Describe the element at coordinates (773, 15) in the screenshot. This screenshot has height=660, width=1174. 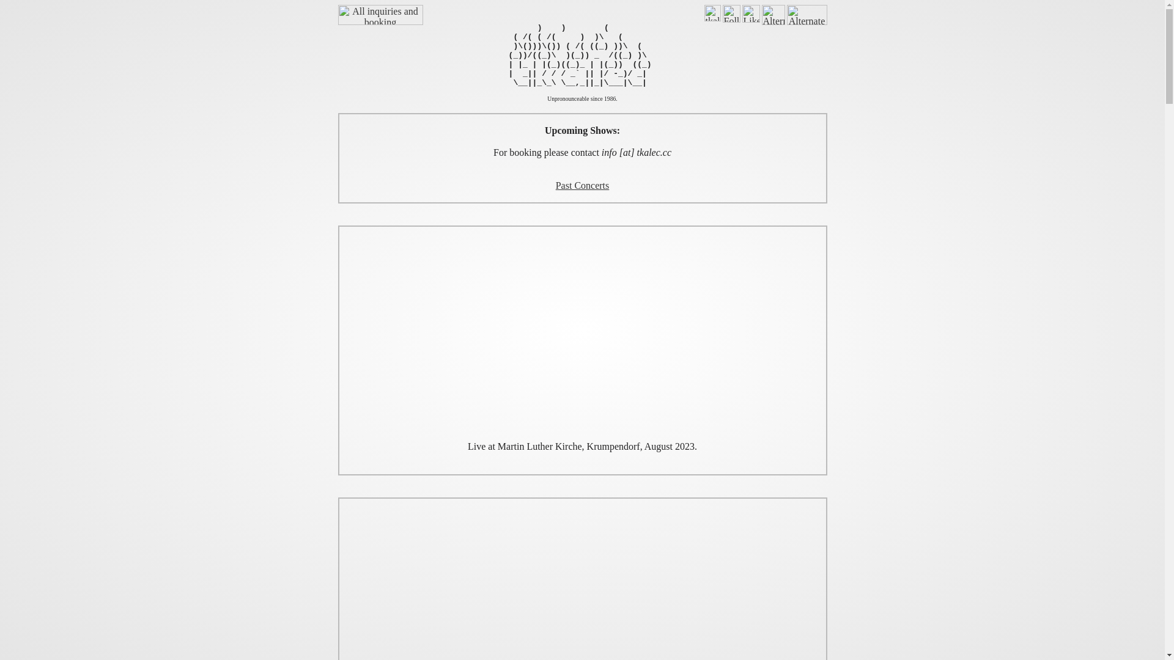
I see `'Alternate Audio - Quality wayward music'` at that location.